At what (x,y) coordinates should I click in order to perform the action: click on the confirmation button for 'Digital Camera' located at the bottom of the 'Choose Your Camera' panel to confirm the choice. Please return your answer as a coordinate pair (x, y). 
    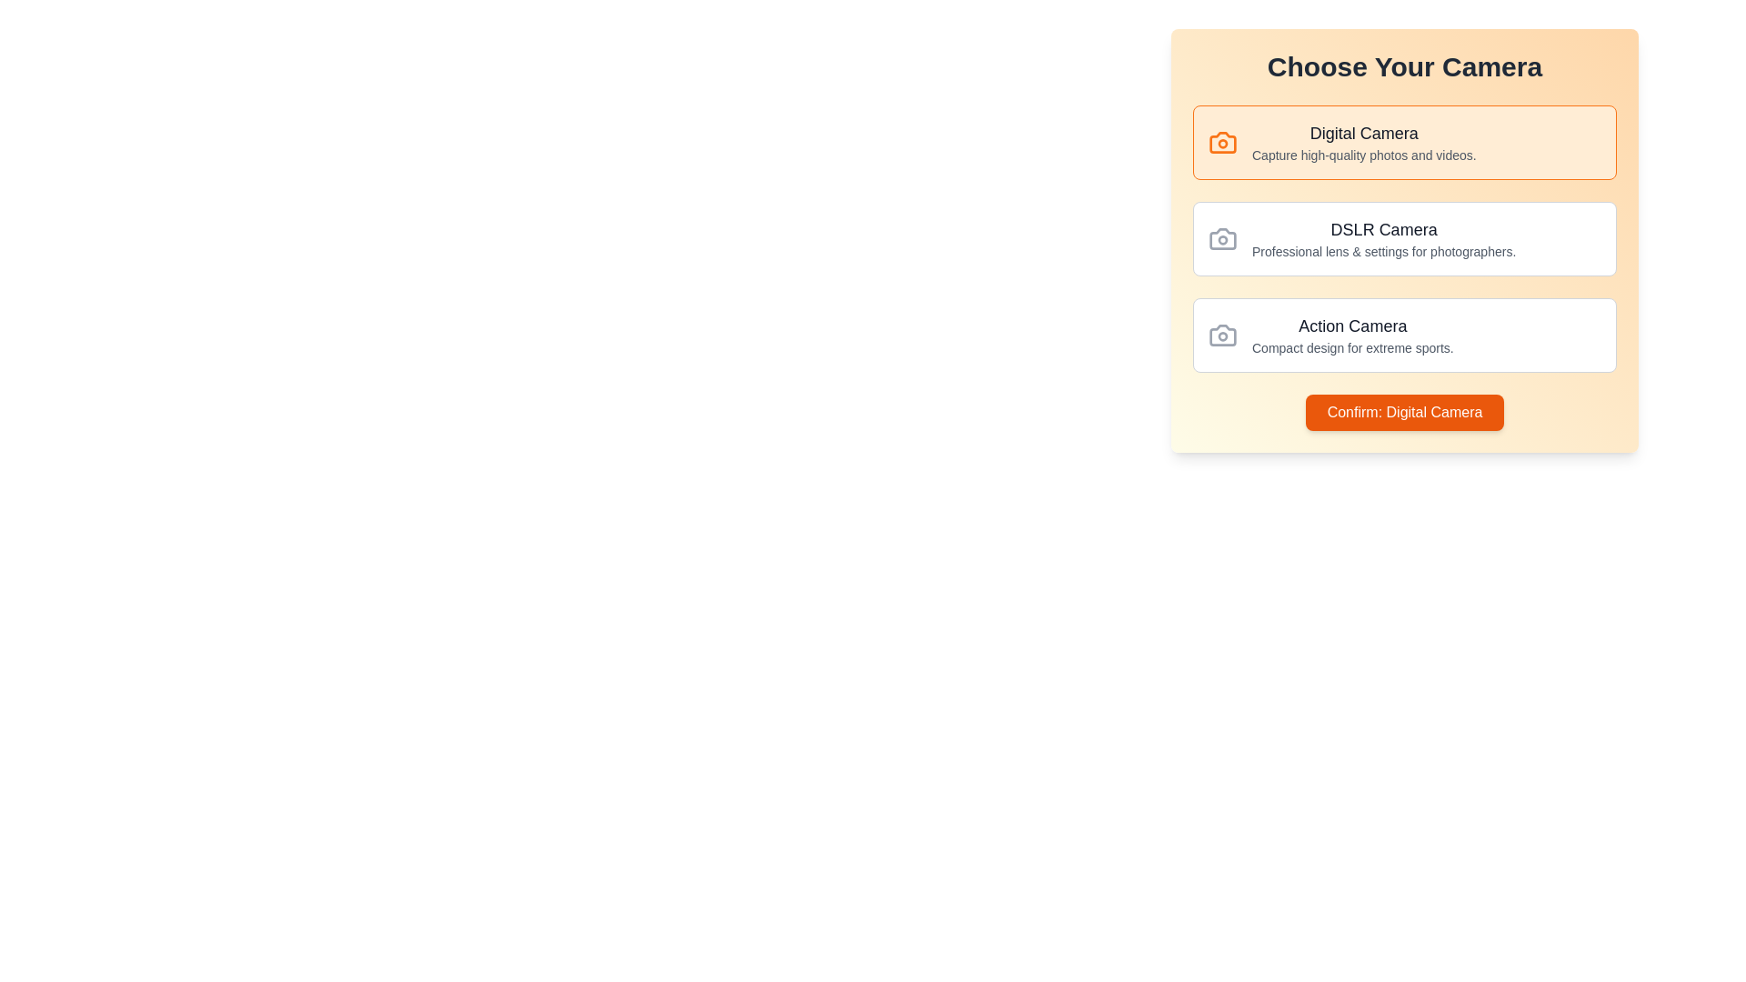
    Looking at the image, I should click on (1404, 413).